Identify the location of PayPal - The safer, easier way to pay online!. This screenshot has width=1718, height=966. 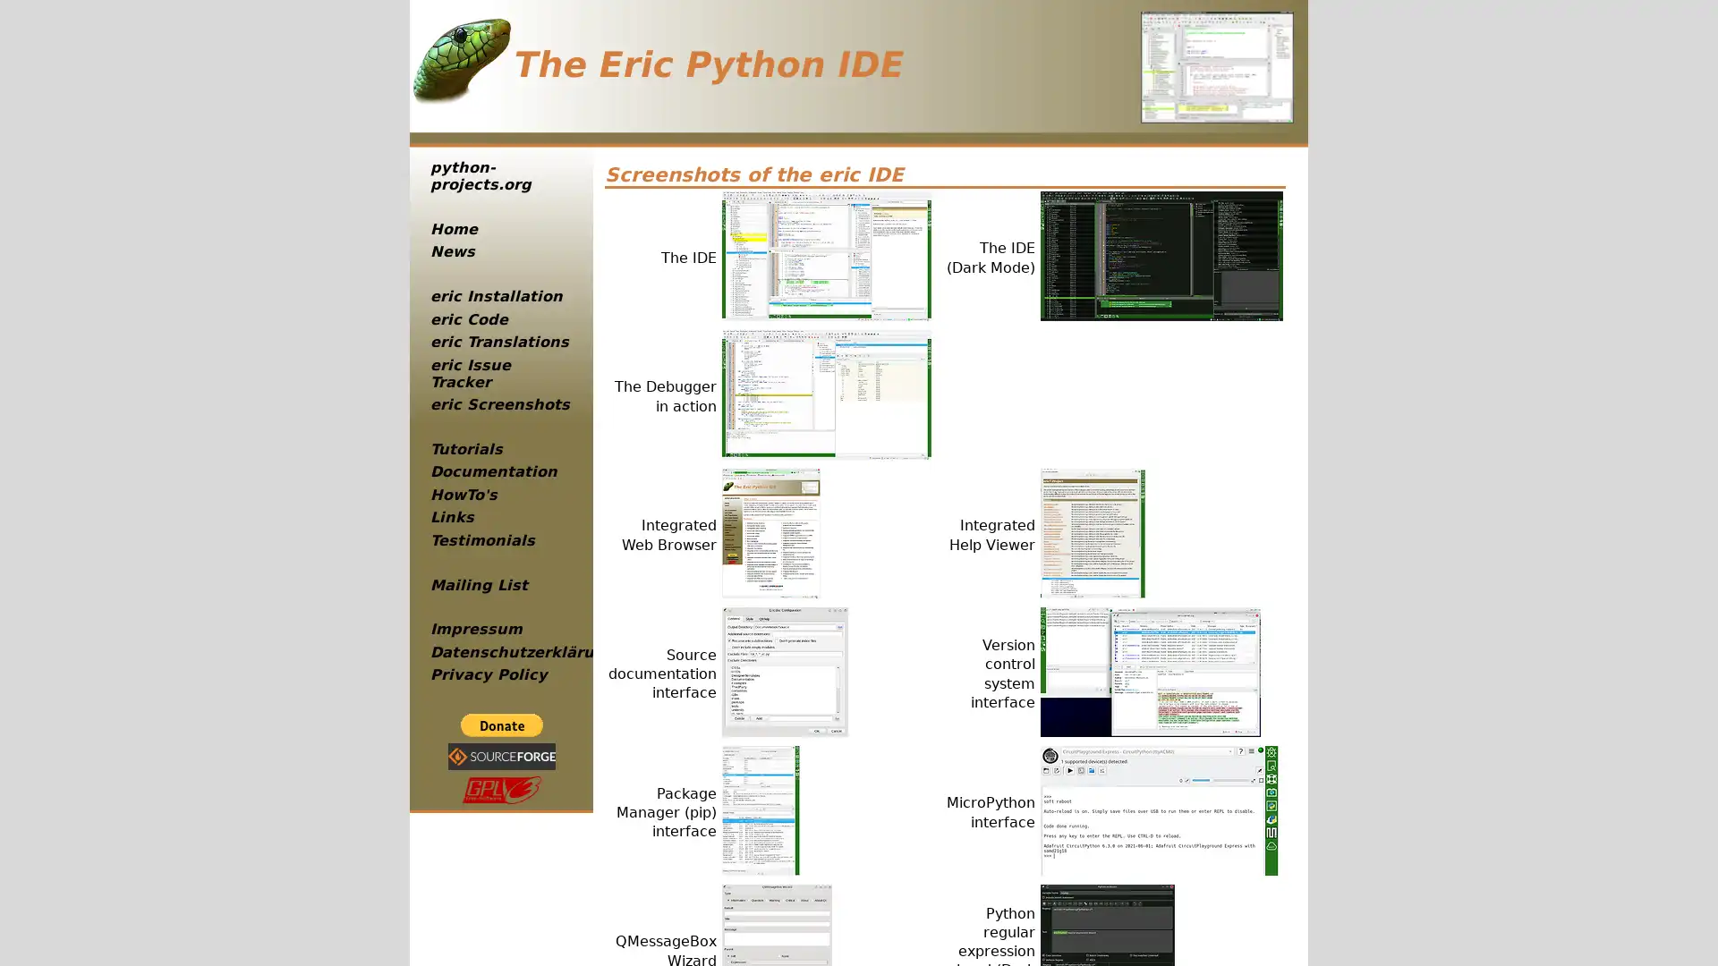
(501, 724).